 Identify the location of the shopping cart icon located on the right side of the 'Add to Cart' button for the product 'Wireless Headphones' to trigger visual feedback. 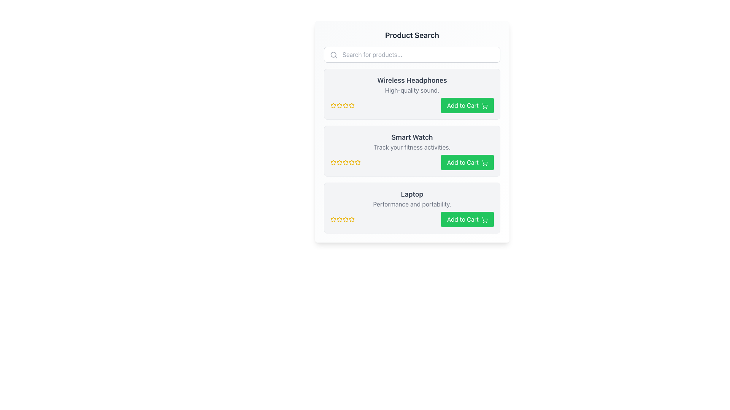
(484, 106).